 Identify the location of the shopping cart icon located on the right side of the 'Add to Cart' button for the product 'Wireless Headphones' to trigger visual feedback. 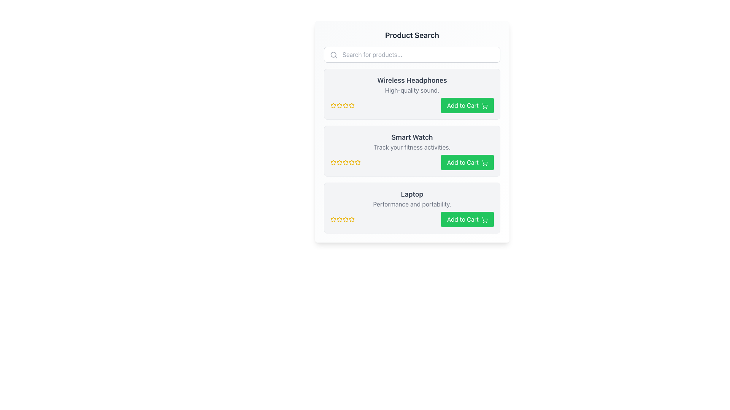
(484, 106).